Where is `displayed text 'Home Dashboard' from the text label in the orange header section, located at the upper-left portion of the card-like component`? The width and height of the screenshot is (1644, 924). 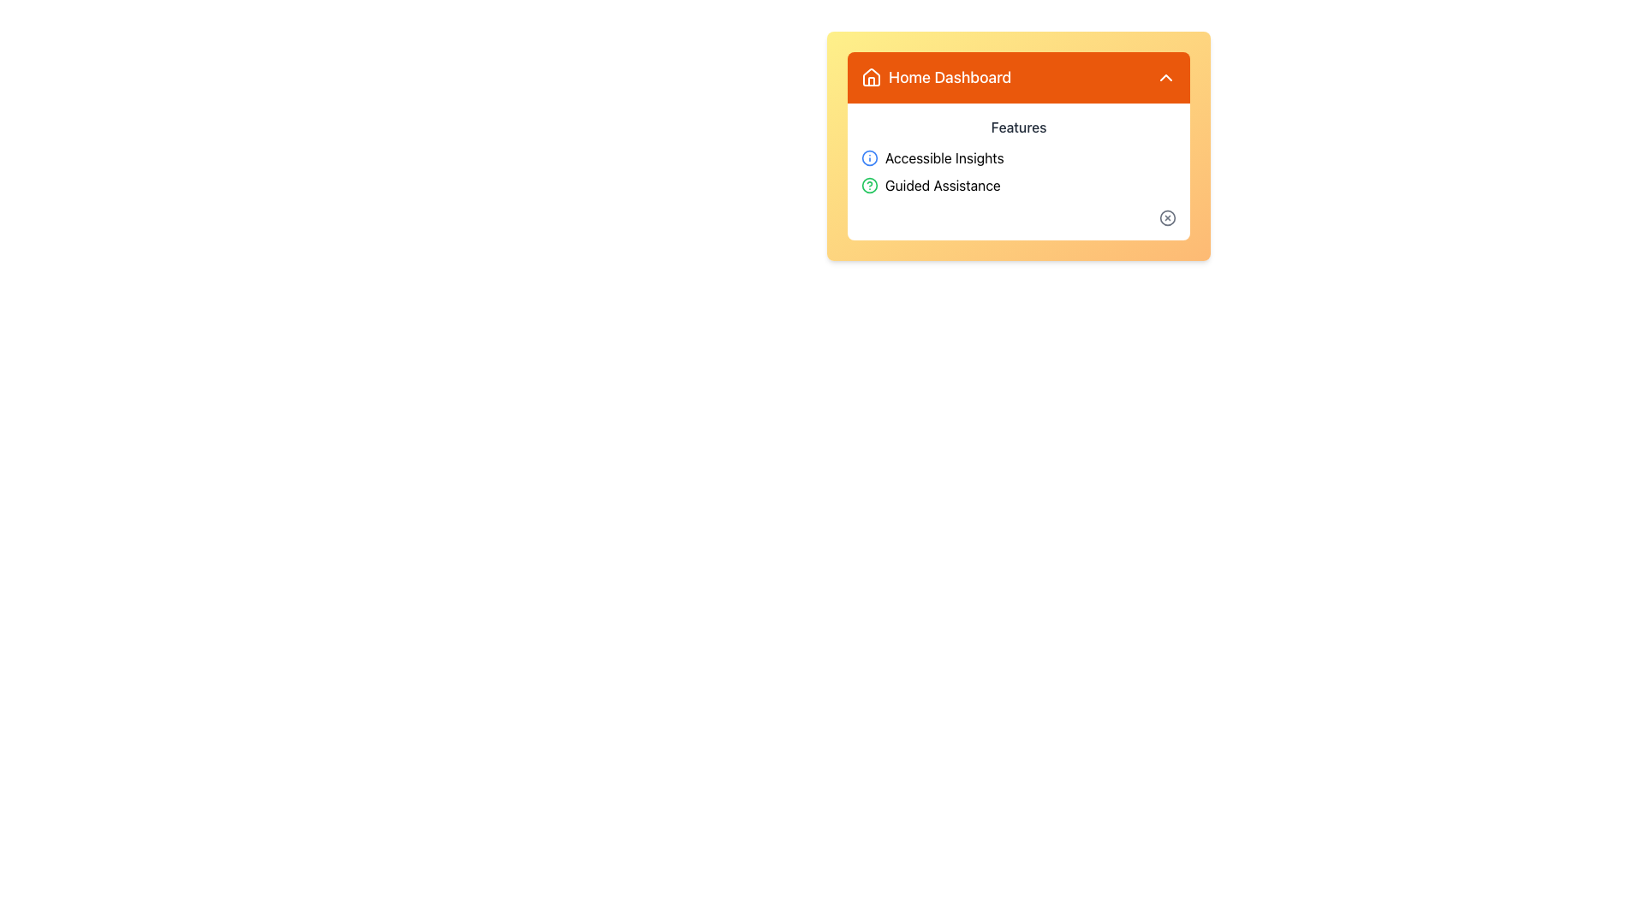
displayed text 'Home Dashboard' from the text label in the orange header section, located at the upper-left portion of the card-like component is located at coordinates (935, 78).